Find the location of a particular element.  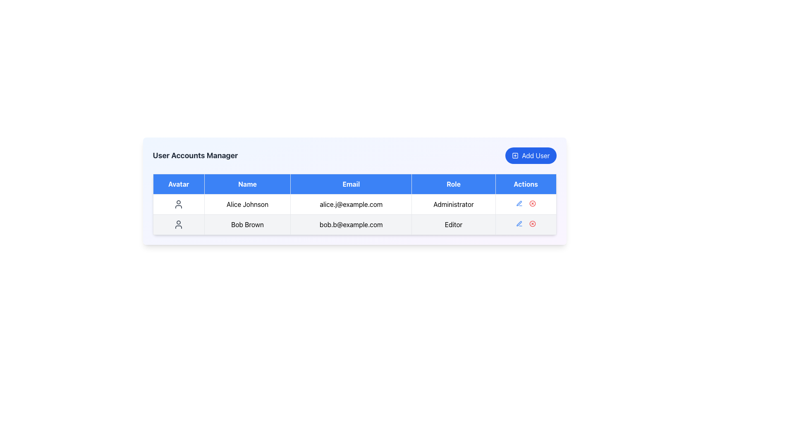

text displayed in the Text Display Field that shows the email address 'bob.b@example.com' located in the 'Email' column of the table under 'Bob Brown' is located at coordinates (351, 224).